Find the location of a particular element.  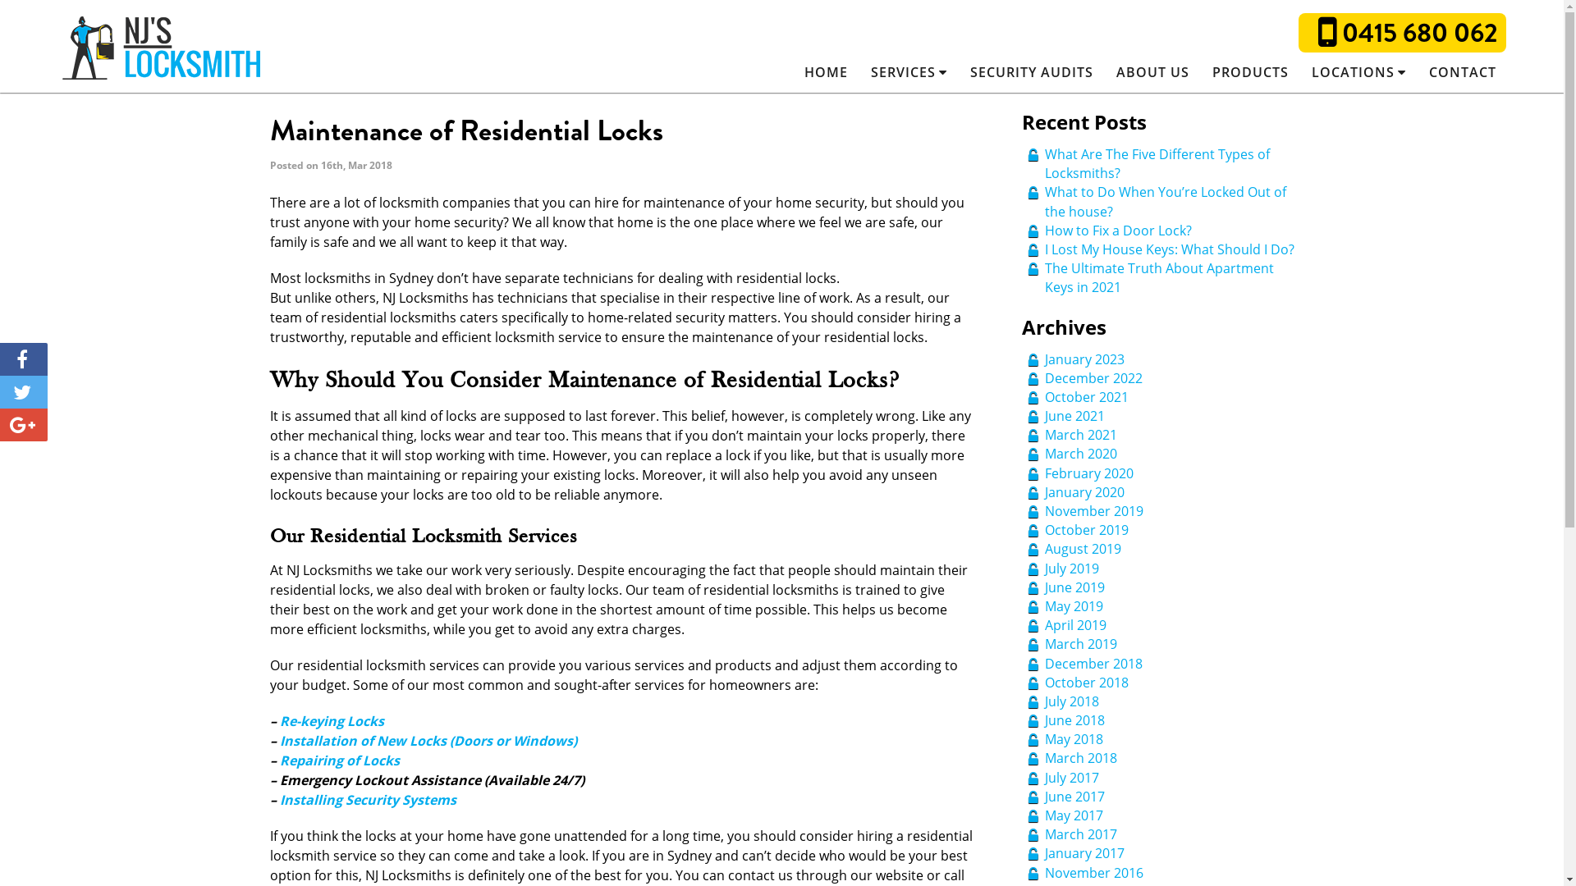

'February 2020' is located at coordinates (1088, 473).